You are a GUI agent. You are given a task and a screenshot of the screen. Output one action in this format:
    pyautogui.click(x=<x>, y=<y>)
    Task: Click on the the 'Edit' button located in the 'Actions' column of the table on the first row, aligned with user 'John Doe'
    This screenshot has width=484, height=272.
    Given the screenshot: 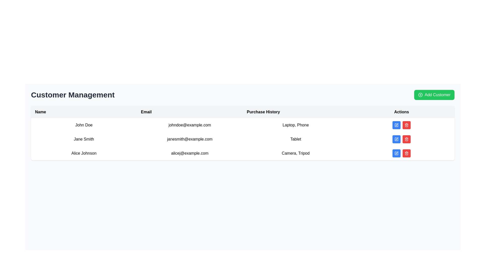 What is the action you would take?
    pyautogui.click(x=396, y=125)
    